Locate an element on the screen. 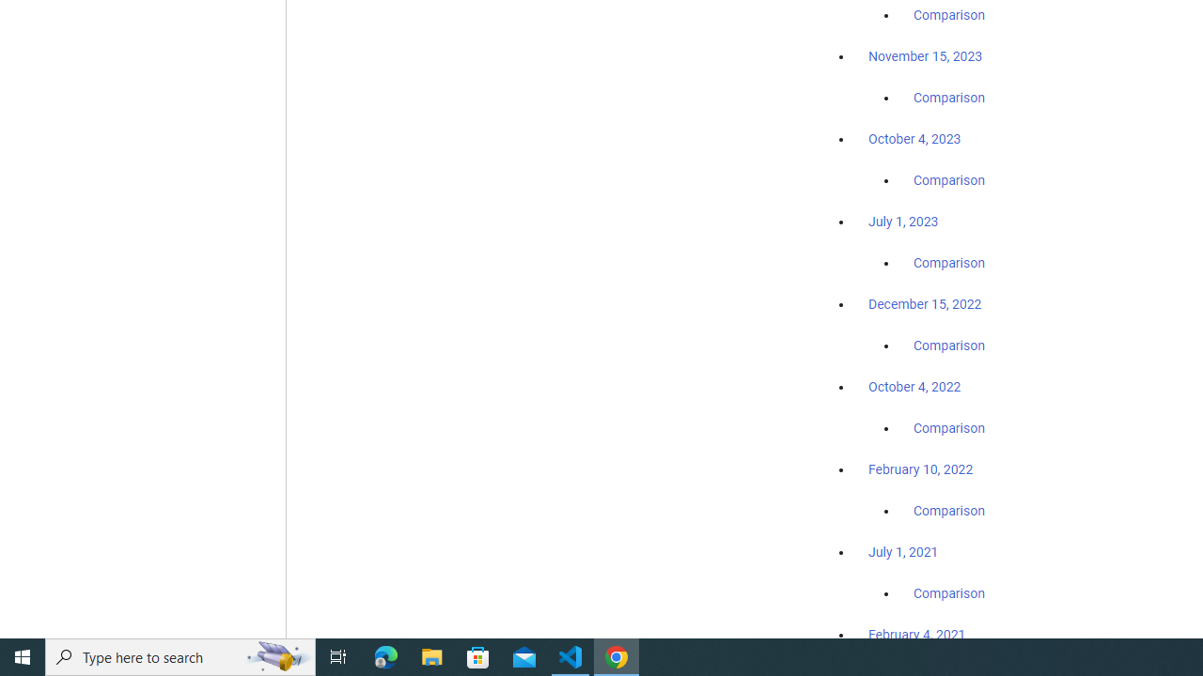 Image resolution: width=1203 pixels, height=676 pixels. 'October 4, 2022' is located at coordinates (914, 386).